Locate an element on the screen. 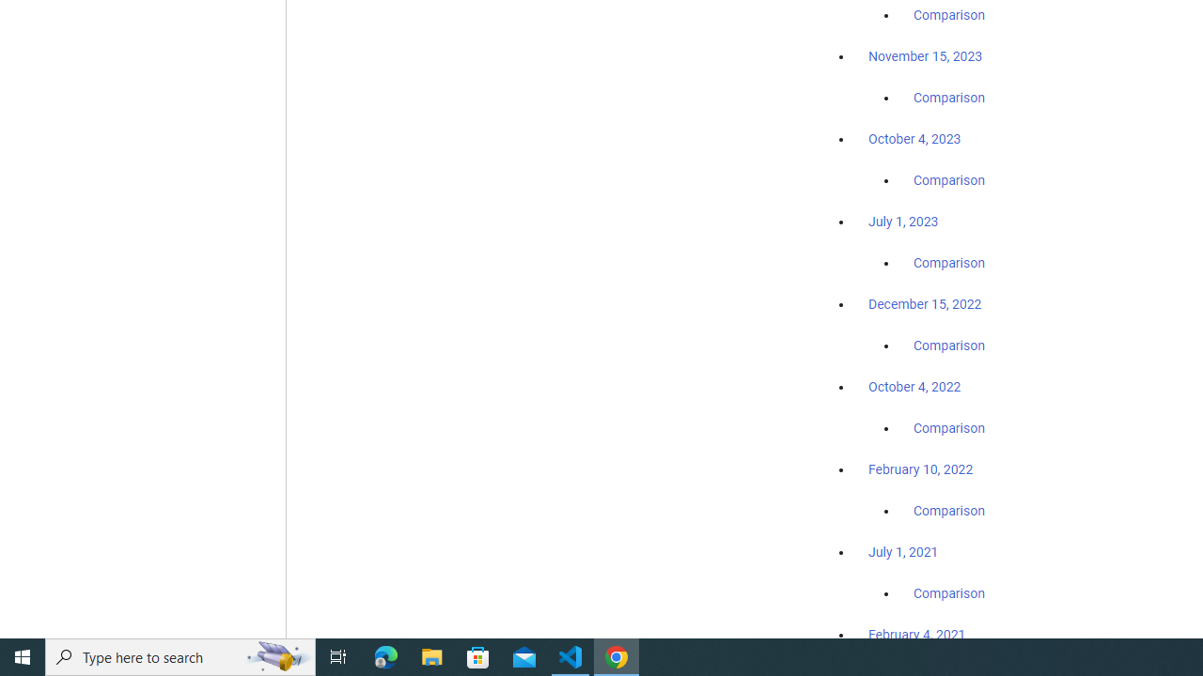 Image resolution: width=1203 pixels, height=676 pixels. 'October 4, 2022' is located at coordinates (914, 386).